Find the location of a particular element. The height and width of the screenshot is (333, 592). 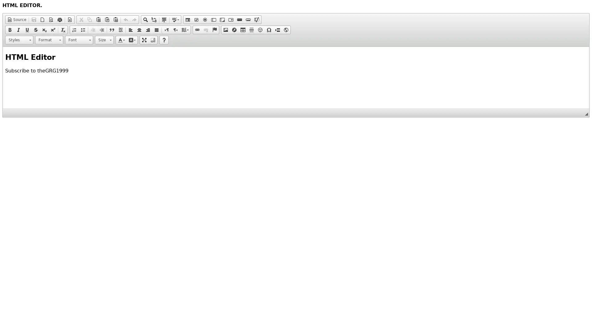

New Page is located at coordinates (42, 19).